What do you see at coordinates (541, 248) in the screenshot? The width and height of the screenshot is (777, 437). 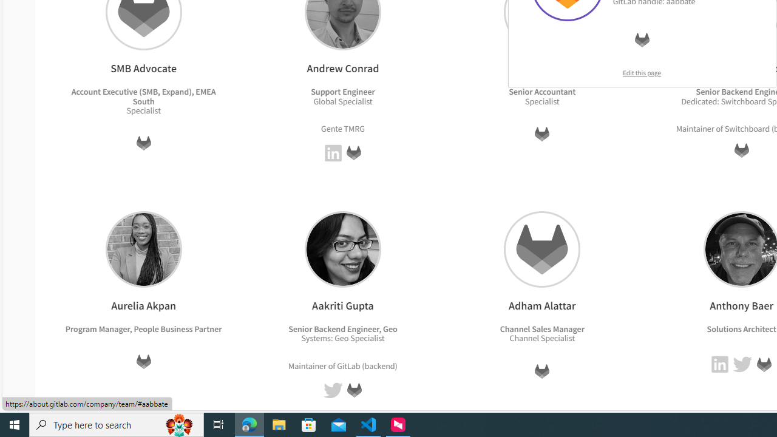 I see `'Adham Alattar'` at bounding box center [541, 248].